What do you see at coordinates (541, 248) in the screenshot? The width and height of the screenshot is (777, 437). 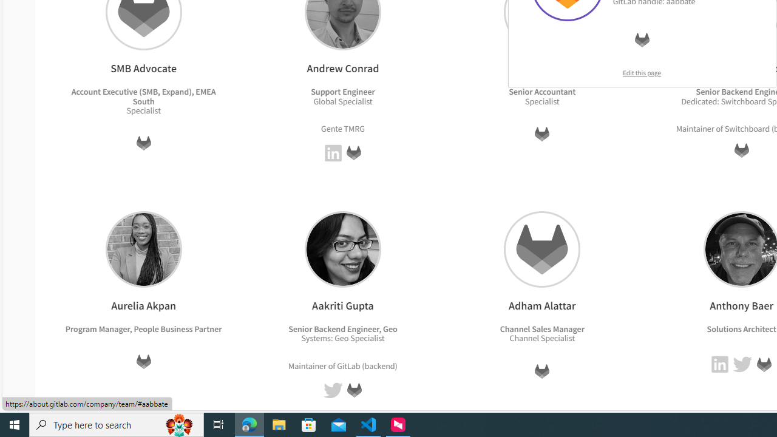 I see `'Adham Alattar'` at bounding box center [541, 248].